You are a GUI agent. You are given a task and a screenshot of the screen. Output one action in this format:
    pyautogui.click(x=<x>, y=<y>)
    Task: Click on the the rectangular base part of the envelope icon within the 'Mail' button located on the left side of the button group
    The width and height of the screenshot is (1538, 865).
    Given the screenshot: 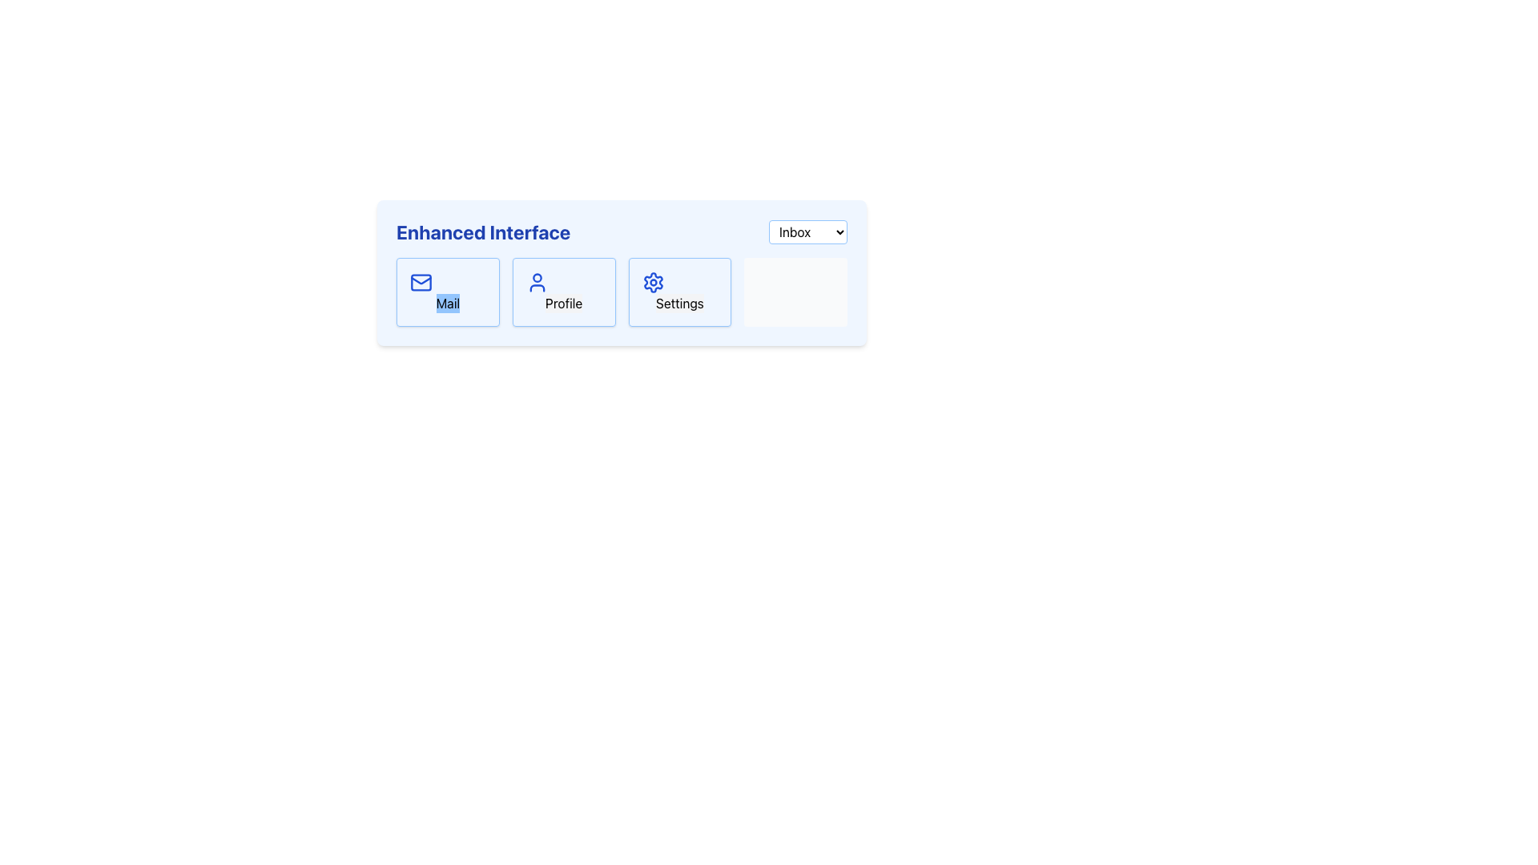 What is the action you would take?
    pyautogui.click(x=421, y=282)
    